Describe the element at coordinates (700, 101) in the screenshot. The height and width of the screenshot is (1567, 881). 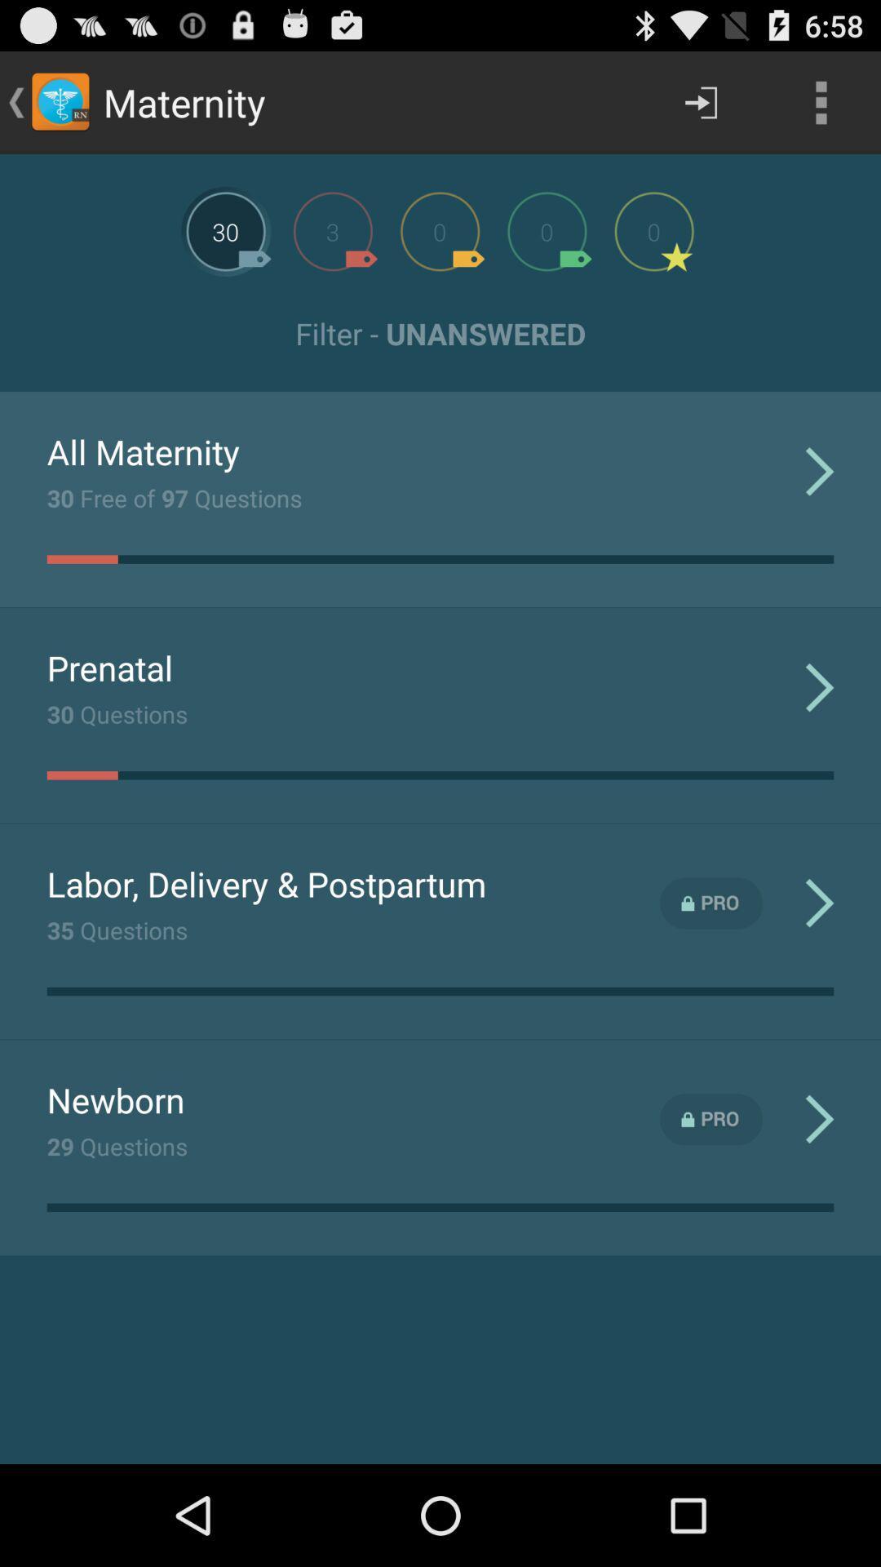
I see `the next arrow` at that location.